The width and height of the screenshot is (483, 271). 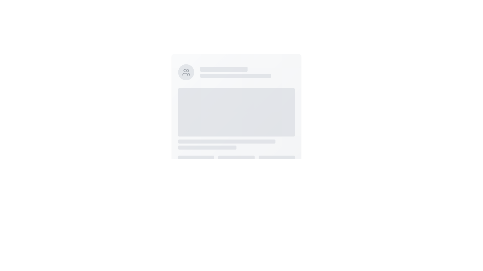 What do you see at coordinates (186, 72) in the screenshot?
I see `the user/group icon represented by an SVG graphic component, located in the top-left section of the interface` at bounding box center [186, 72].